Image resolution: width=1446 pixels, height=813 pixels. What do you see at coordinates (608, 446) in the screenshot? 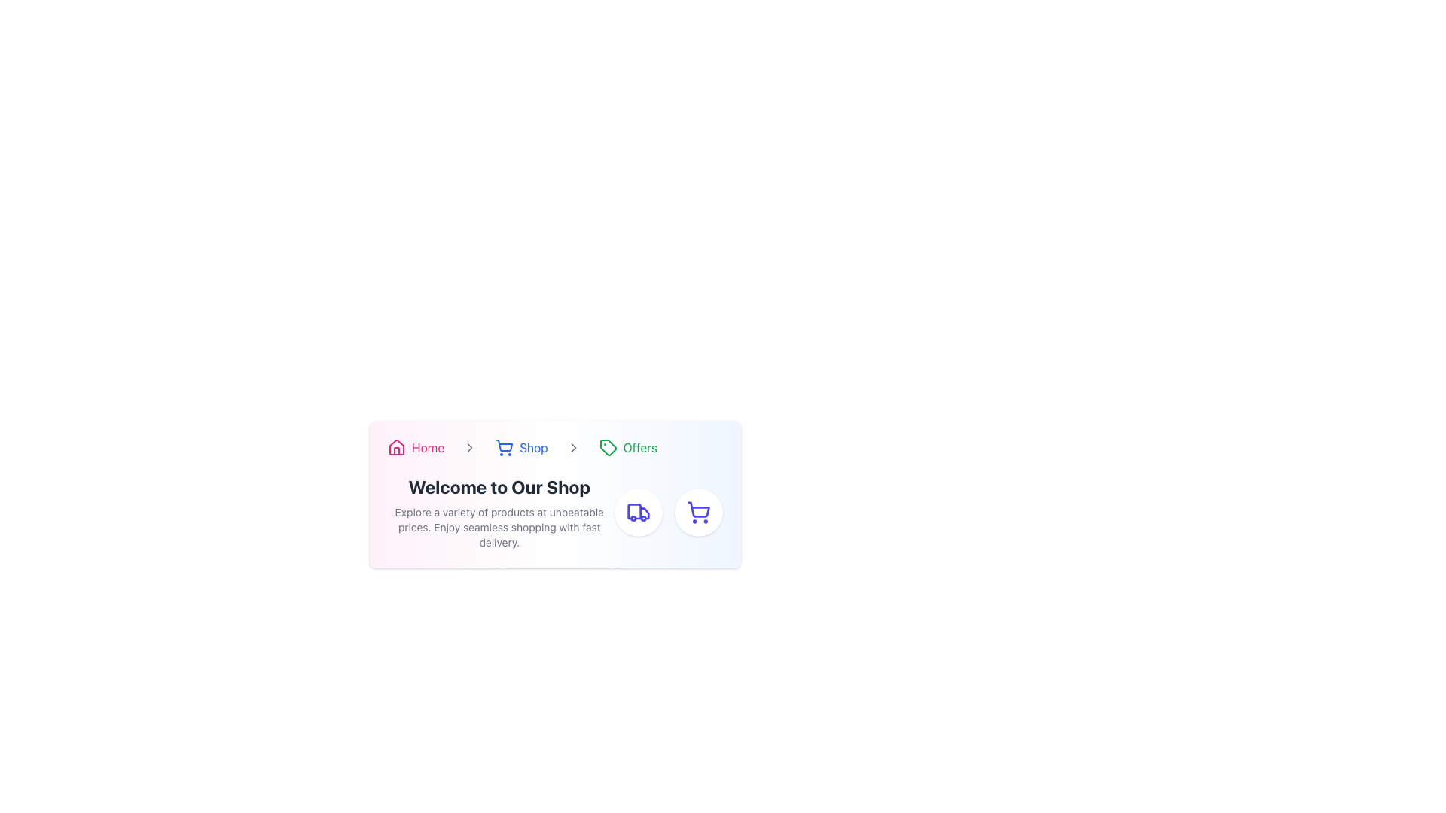
I see `the tag-shaped icon located in the breadcrumb navigation bar, positioned between the 'Shop' link and 'Offers' text` at bounding box center [608, 446].